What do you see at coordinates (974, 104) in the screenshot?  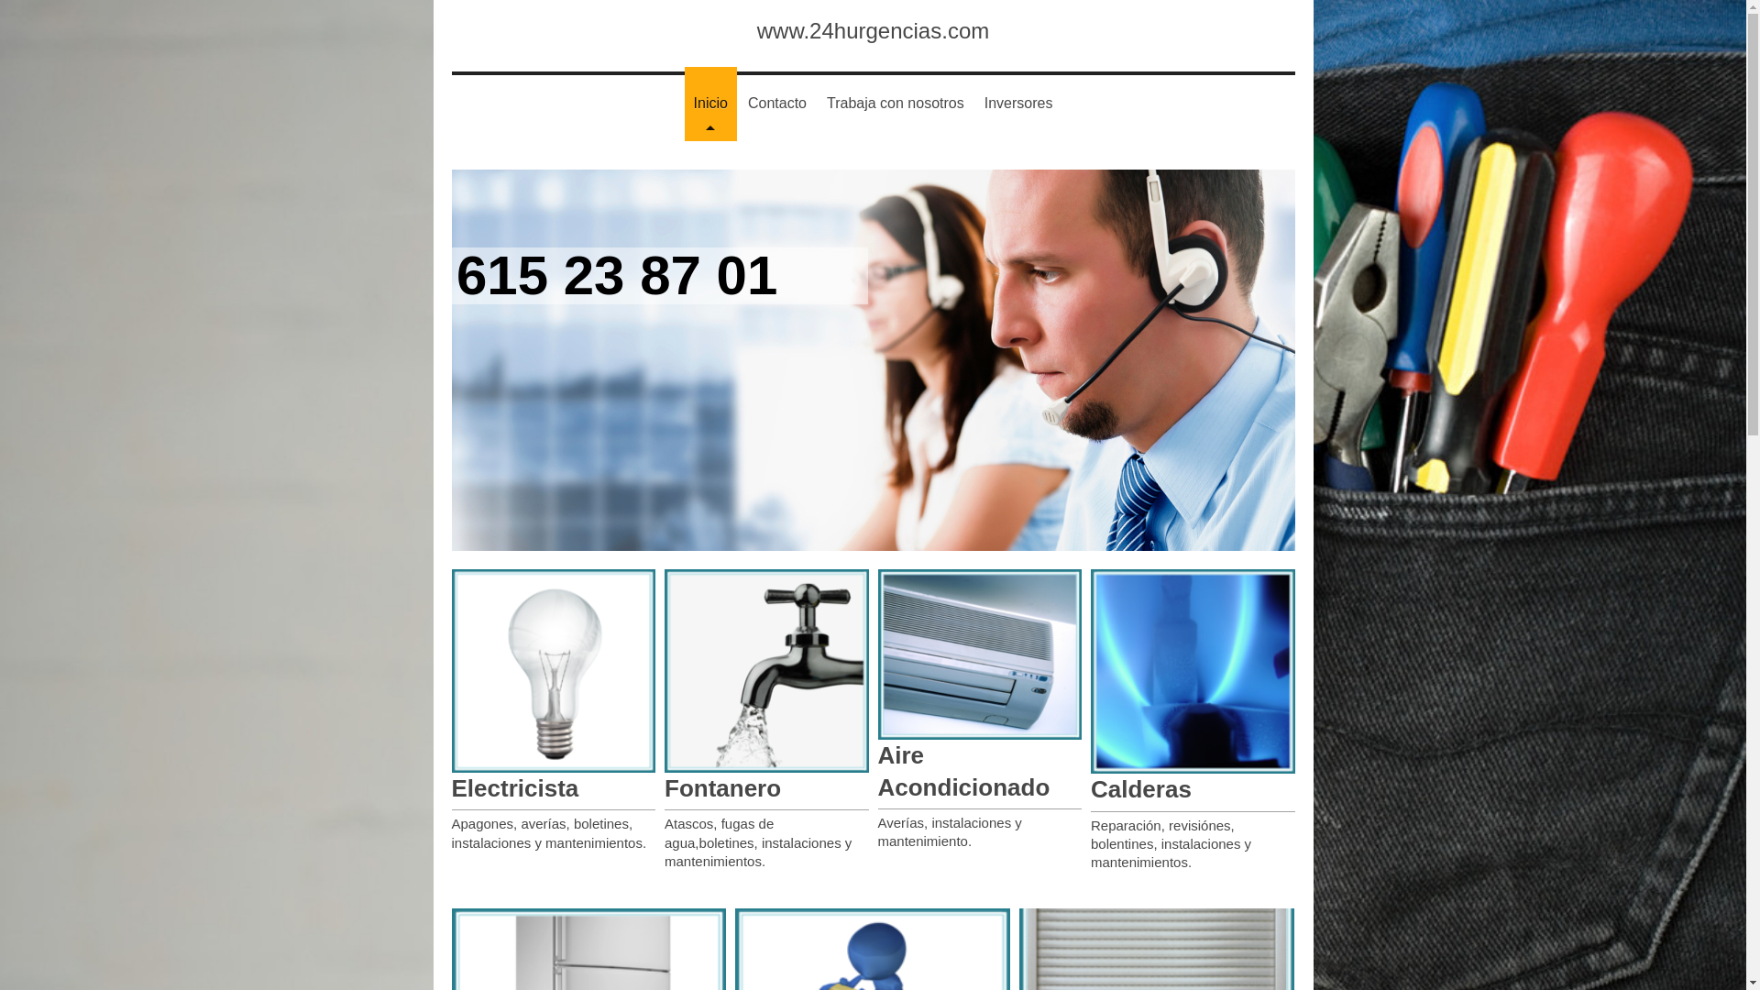 I see `'Inversores'` at bounding box center [974, 104].